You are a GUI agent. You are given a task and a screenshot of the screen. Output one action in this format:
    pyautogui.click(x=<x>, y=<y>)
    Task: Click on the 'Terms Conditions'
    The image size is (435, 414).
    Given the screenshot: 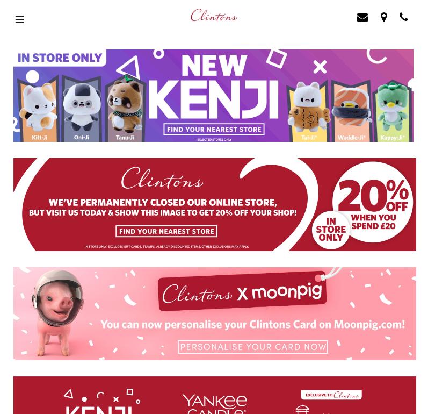 What is the action you would take?
    pyautogui.click(x=46, y=349)
    